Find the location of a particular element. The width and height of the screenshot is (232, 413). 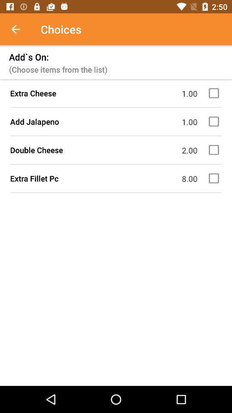

extra cheese is located at coordinates (215, 93).